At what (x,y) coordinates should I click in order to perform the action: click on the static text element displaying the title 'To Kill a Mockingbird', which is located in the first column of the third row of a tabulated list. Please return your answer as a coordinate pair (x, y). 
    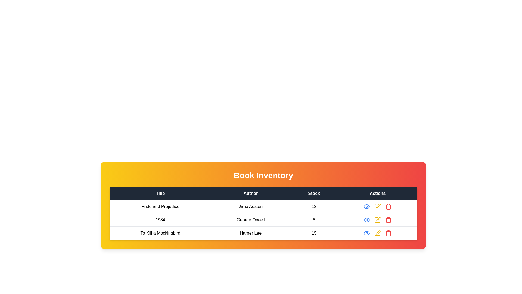
    Looking at the image, I should click on (160, 233).